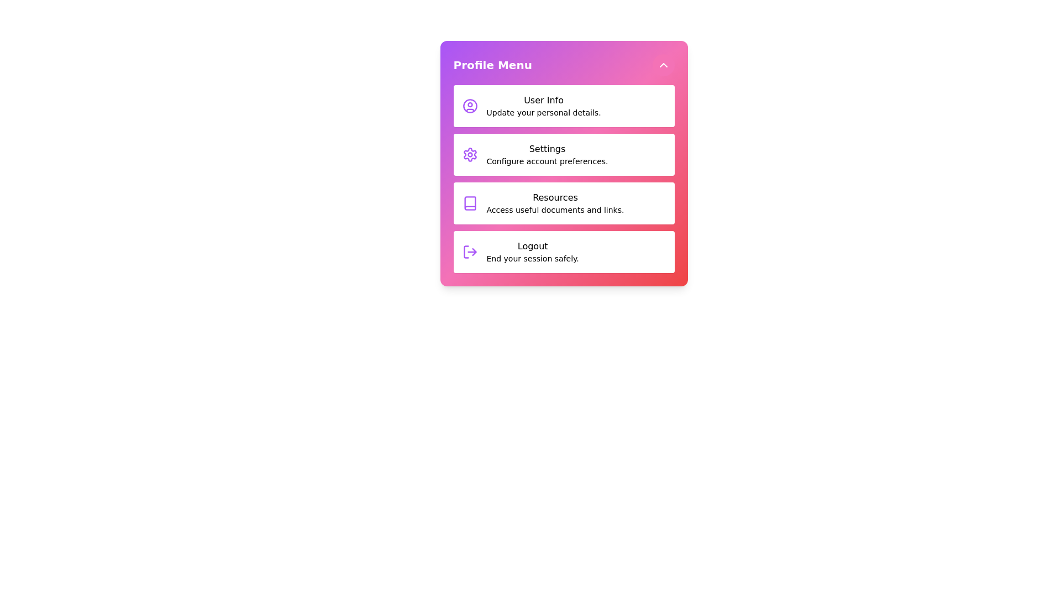 The height and width of the screenshot is (597, 1061). Describe the element at coordinates (564, 252) in the screenshot. I see `the menu item Logout from the profile menu` at that location.